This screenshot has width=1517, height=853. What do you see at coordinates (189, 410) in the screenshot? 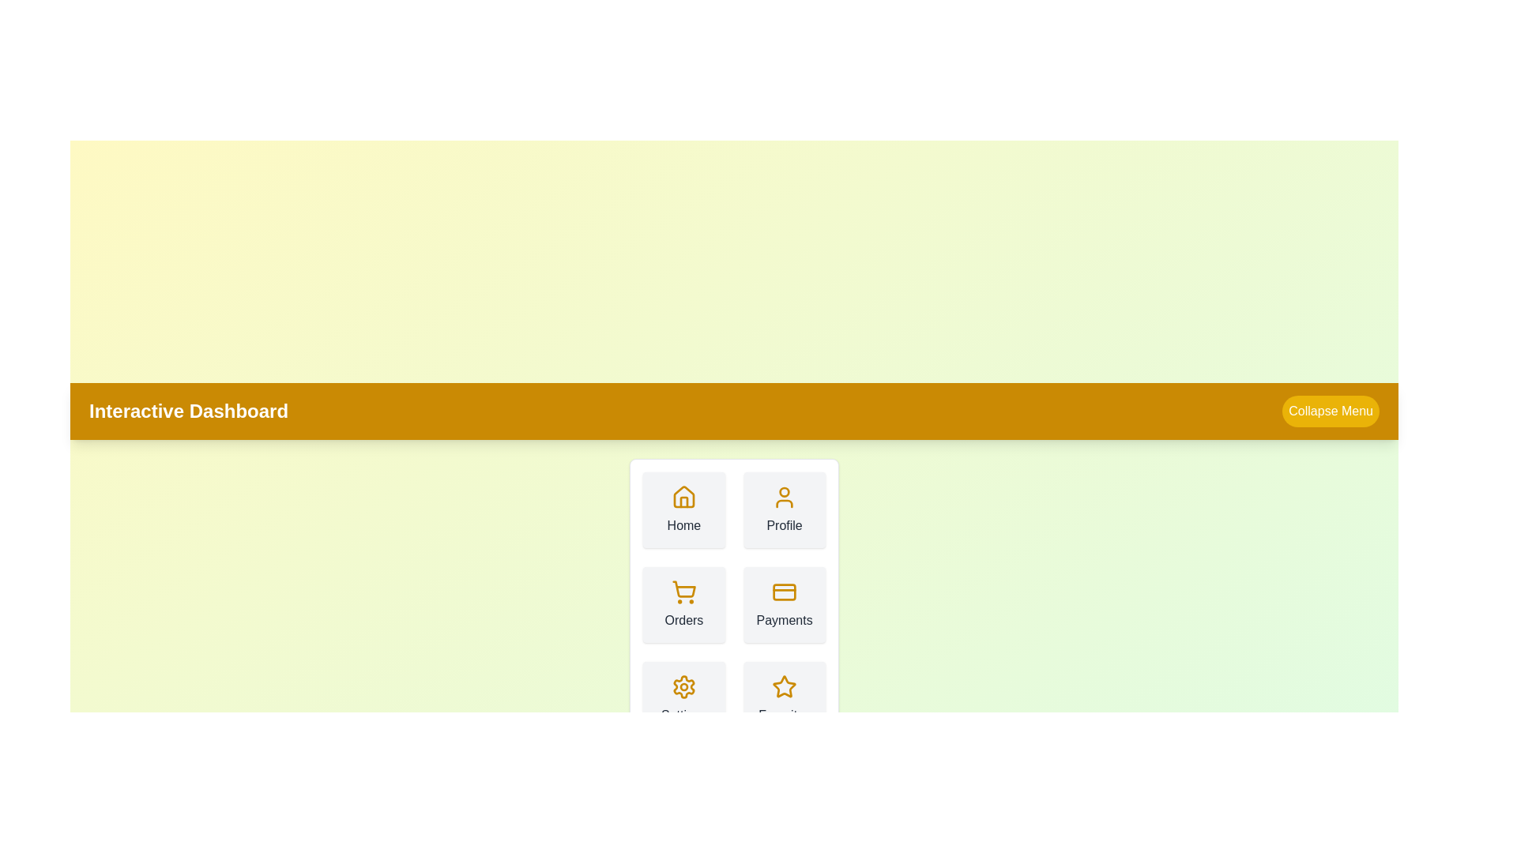
I see `the text 'Interactive Dashboard' in the header` at bounding box center [189, 410].